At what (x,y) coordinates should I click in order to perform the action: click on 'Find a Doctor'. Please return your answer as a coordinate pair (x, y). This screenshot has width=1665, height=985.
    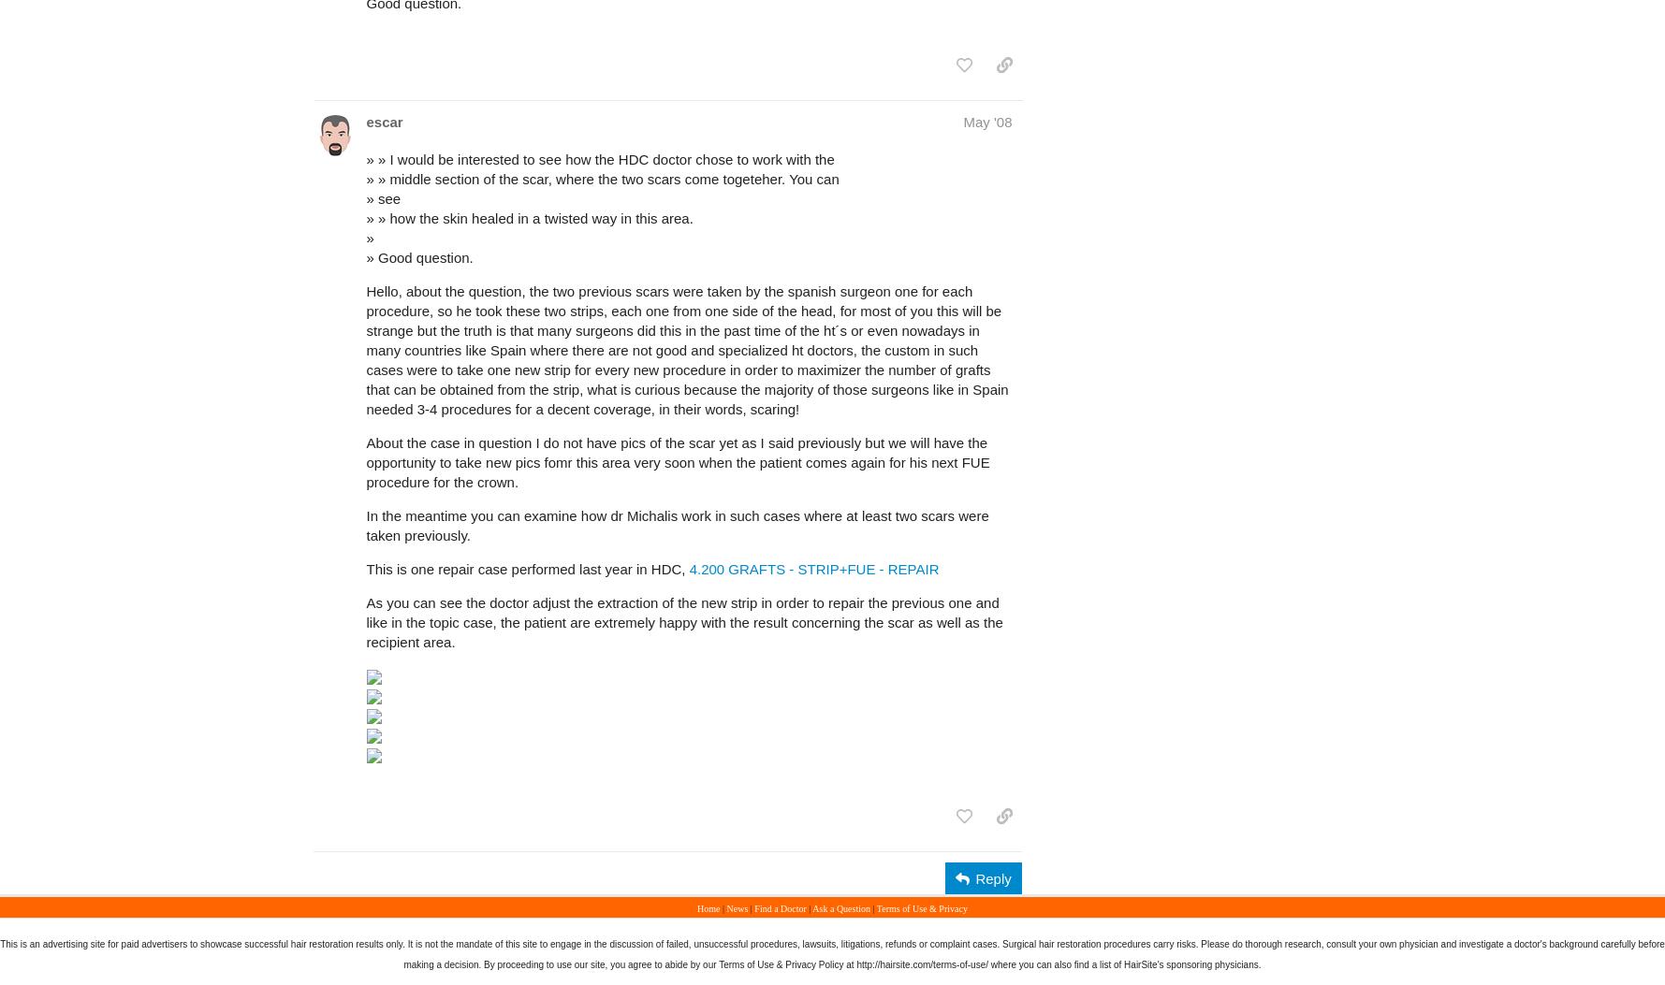
    Looking at the image, I should click on (753, 908).